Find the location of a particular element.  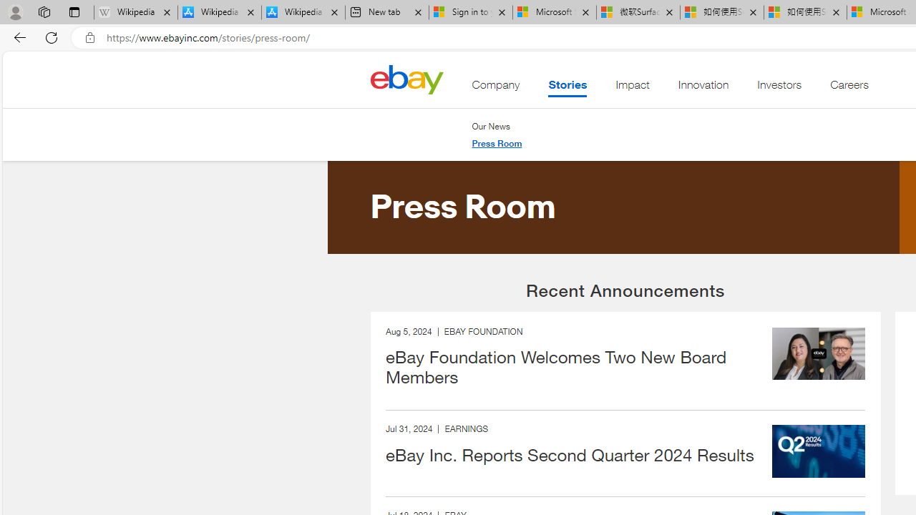

'Investors' is located at coordinates (779, 88).